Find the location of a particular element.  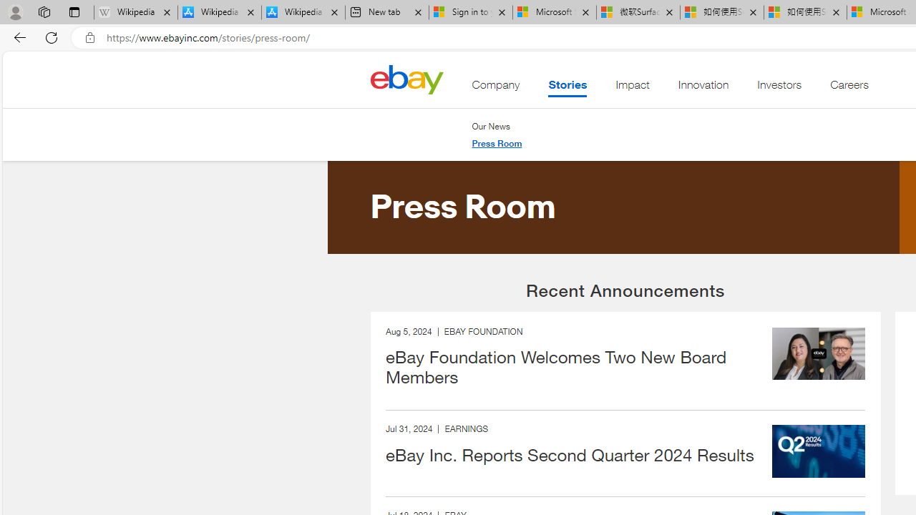

'Investors' is located at coordinates (779, 88).